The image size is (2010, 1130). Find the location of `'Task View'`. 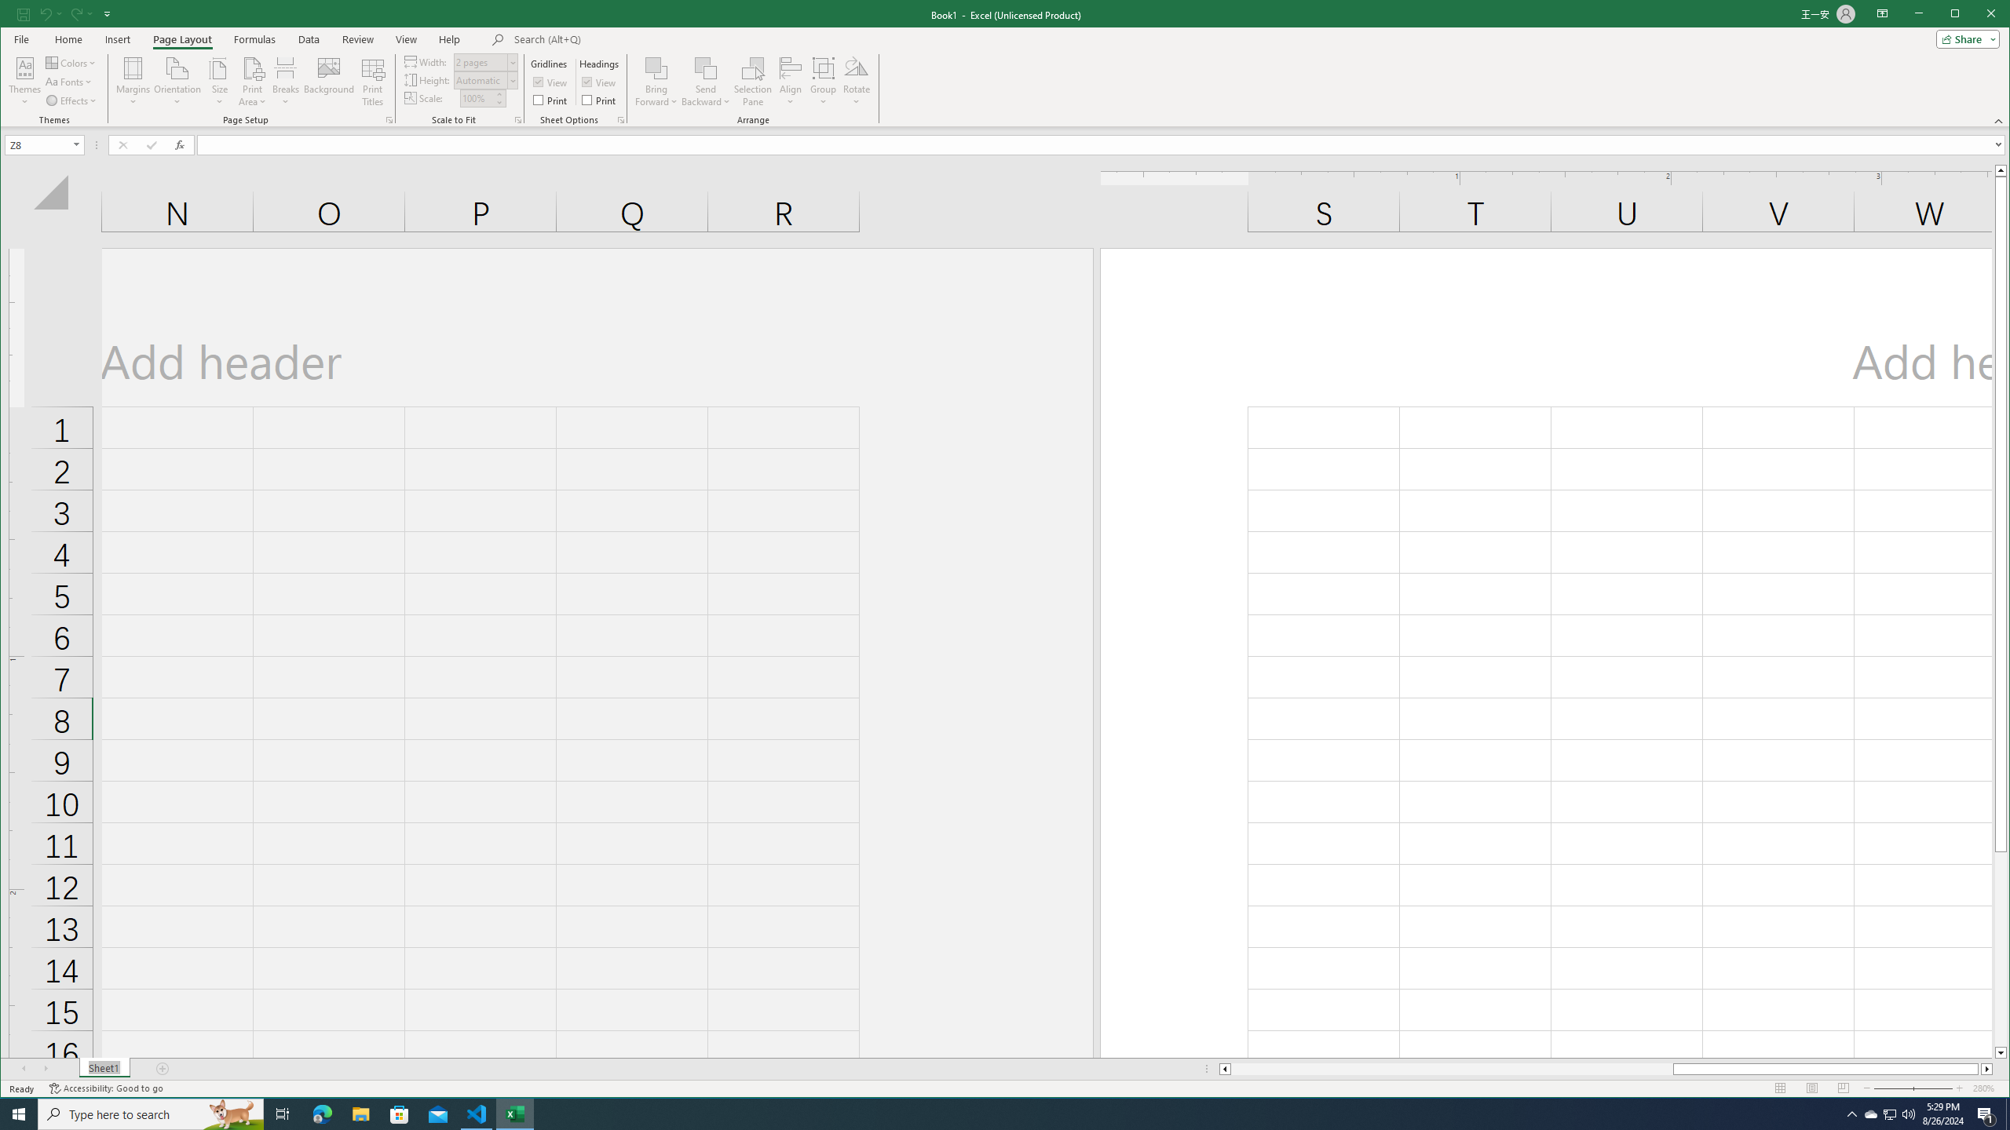

'Task View' is located at coordinates (281, 1113).